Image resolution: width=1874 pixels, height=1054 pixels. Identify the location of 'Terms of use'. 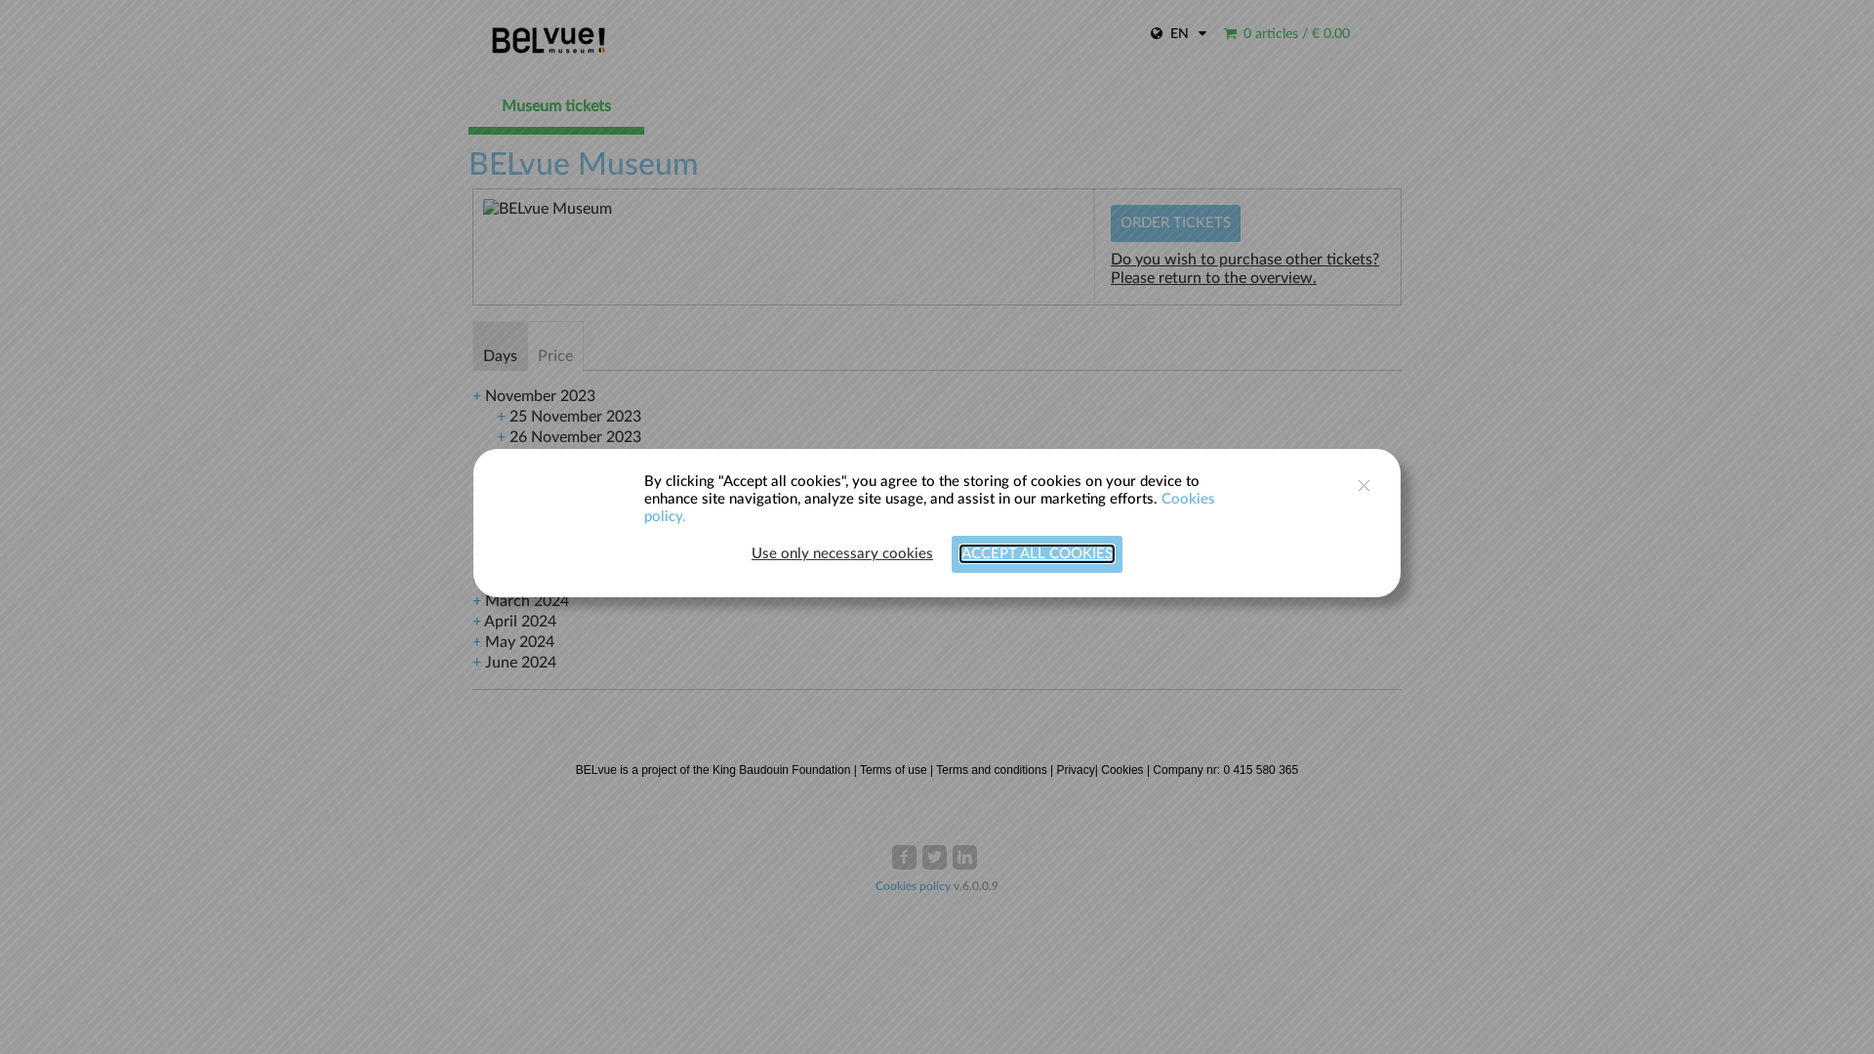
(892, 769).